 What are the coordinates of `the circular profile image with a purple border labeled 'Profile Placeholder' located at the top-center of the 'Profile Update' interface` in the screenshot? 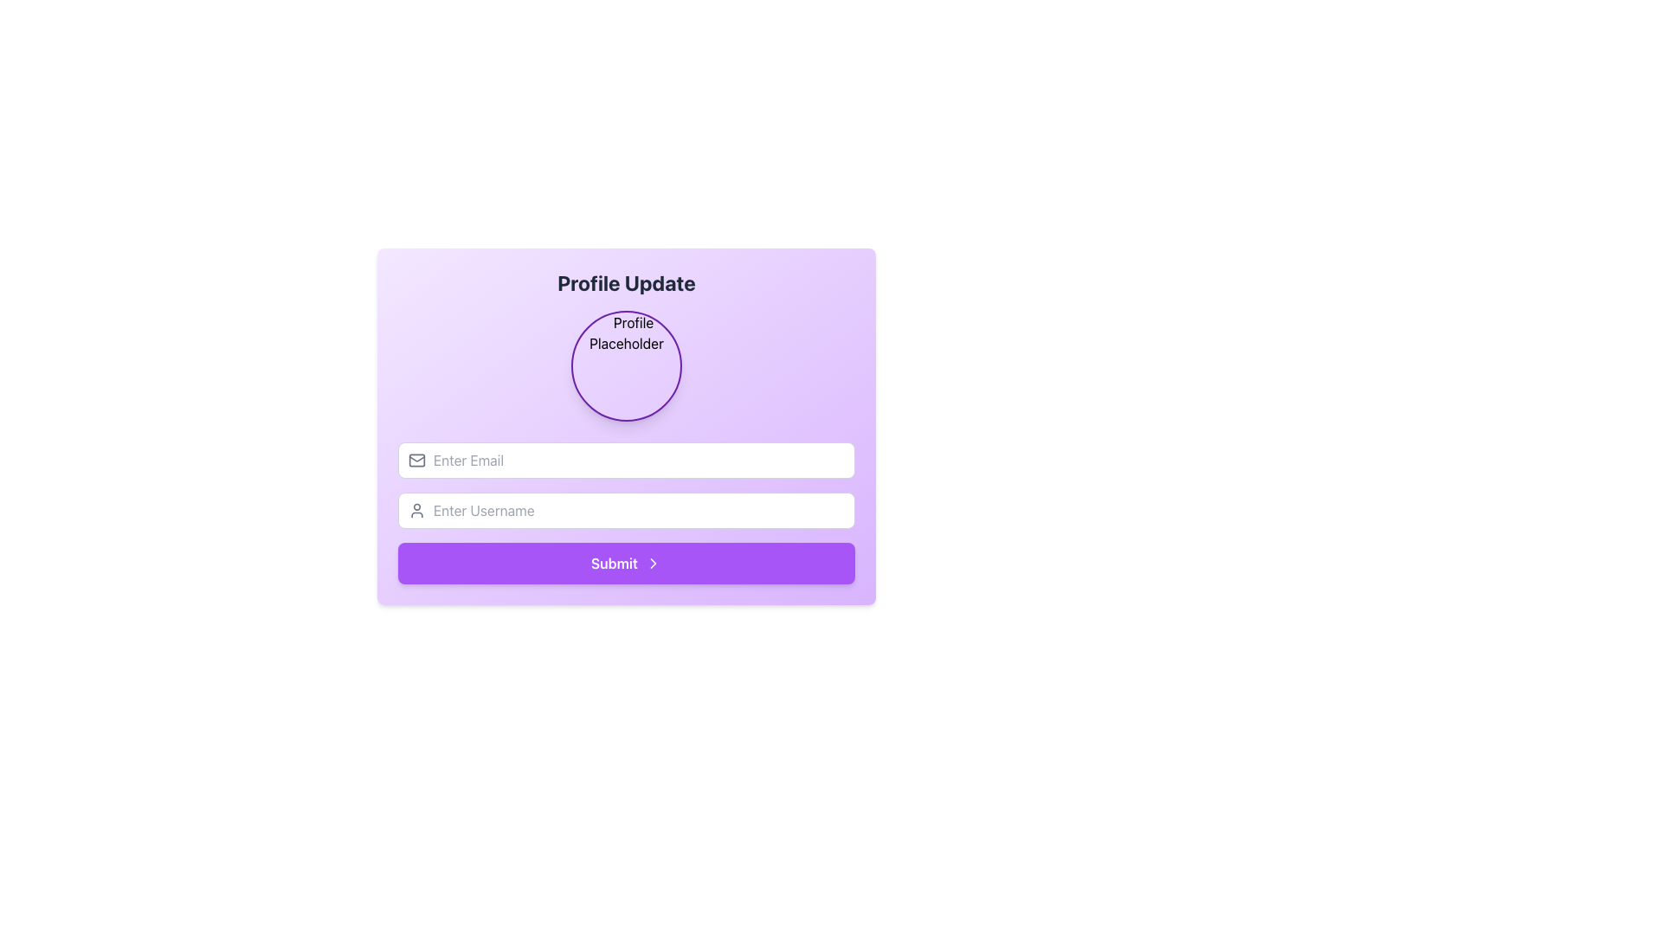 It's located at (626, 365).